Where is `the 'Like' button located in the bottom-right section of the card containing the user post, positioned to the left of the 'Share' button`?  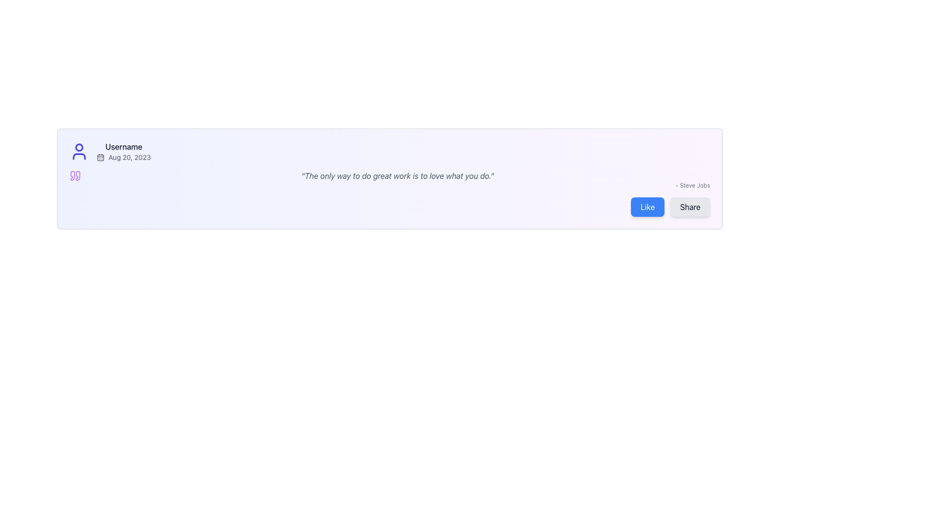
the 'Like' button located in the bottom-right section of the card containing the user post, positioned to the left of the 'Share' button is located at coordinates (647, 206).